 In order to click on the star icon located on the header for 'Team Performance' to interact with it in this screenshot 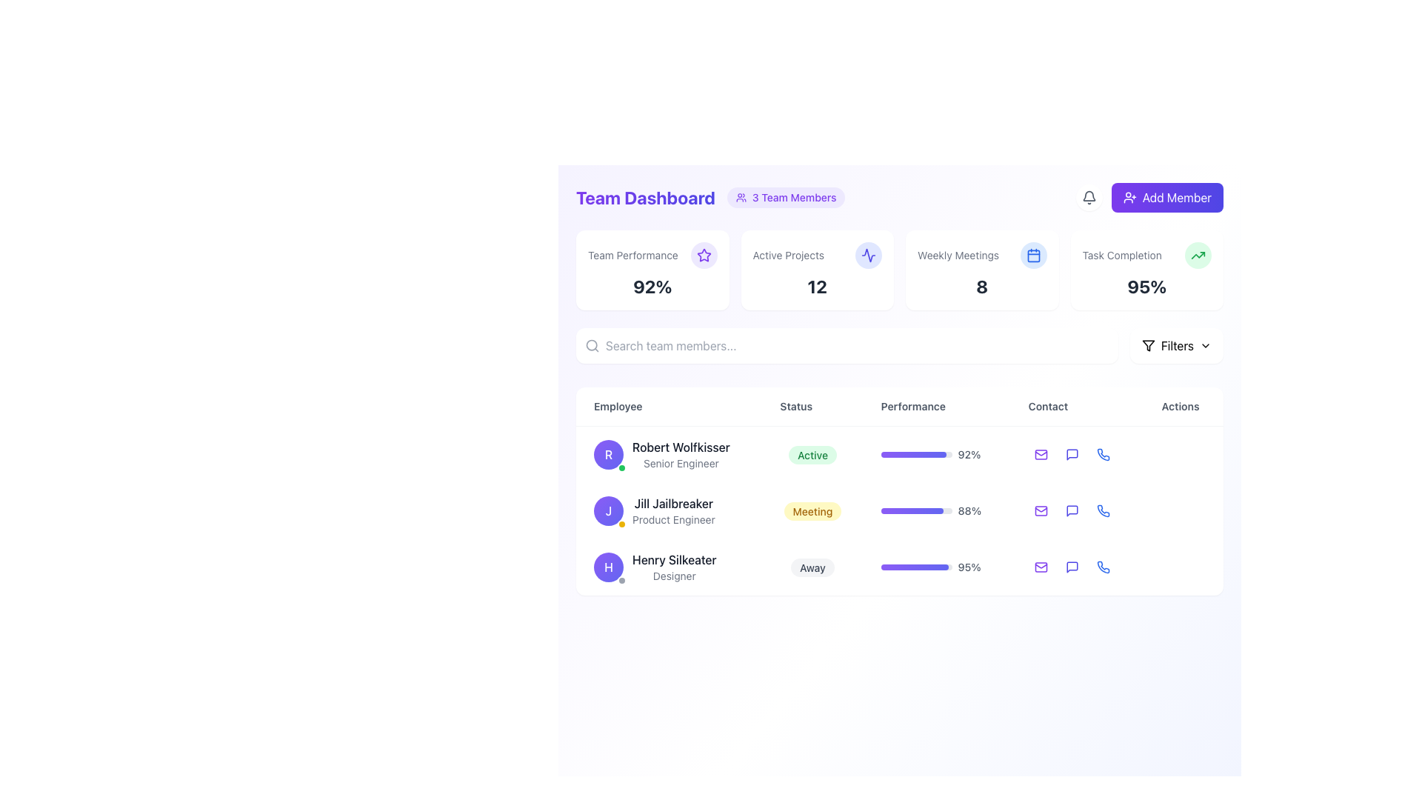, I will do `click(652, 254)`.